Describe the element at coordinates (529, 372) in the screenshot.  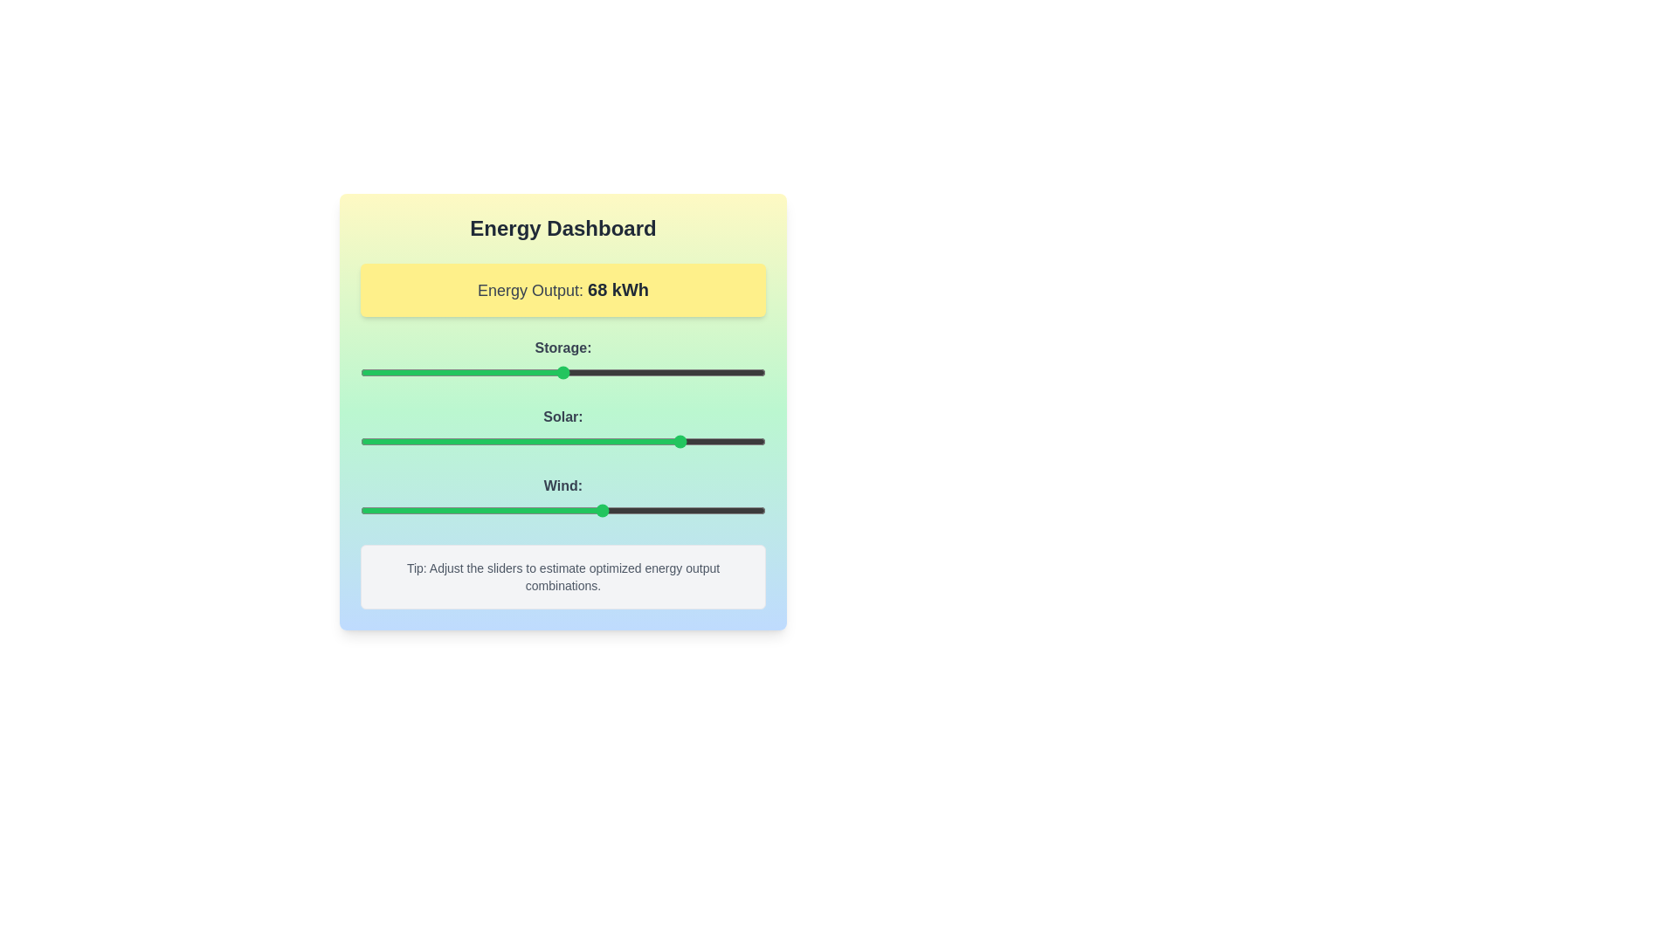
I see `the 'Storage' slider to 42` at that location.